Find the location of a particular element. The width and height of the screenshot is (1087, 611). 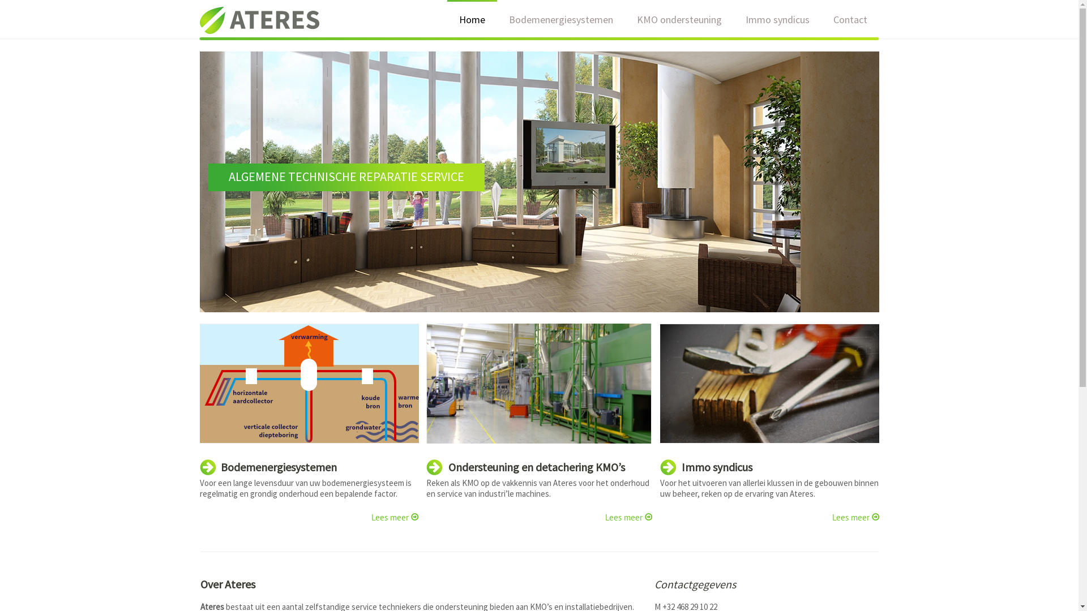

'Lees meer ' is located at coordinates (855, 517).